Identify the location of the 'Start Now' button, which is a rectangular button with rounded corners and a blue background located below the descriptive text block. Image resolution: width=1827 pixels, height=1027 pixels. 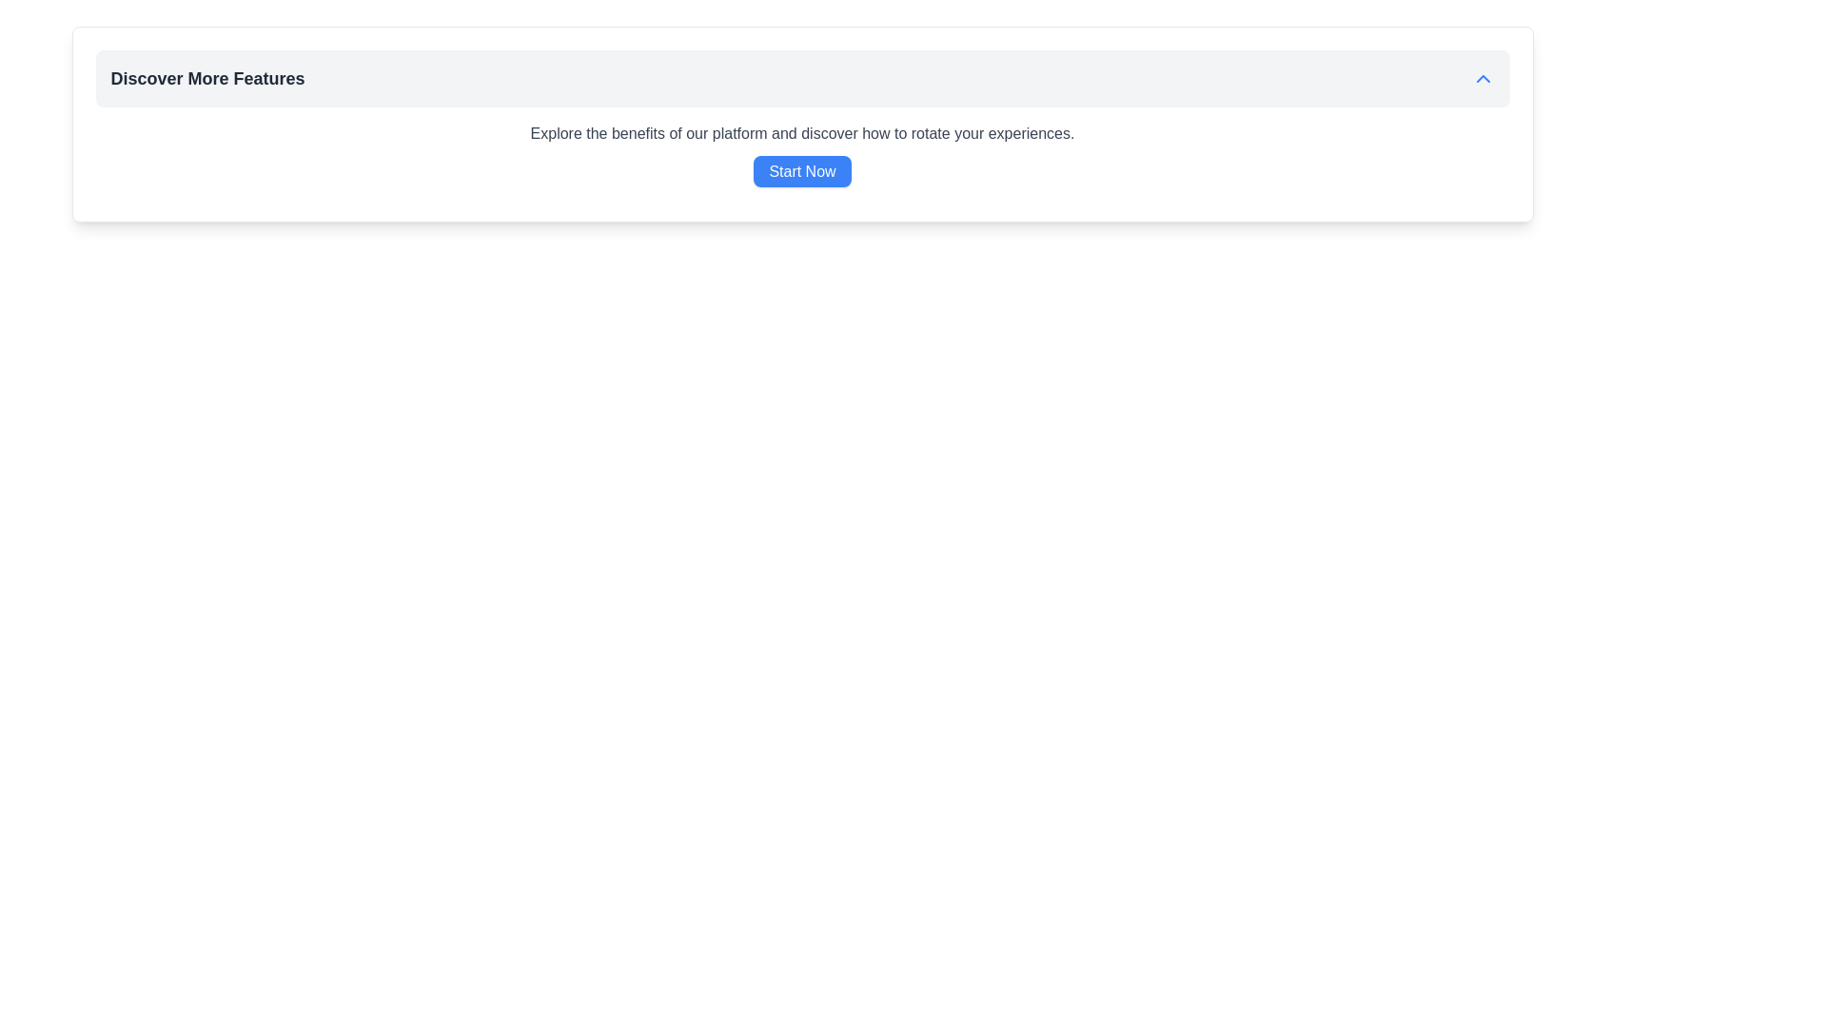
(802, 171).